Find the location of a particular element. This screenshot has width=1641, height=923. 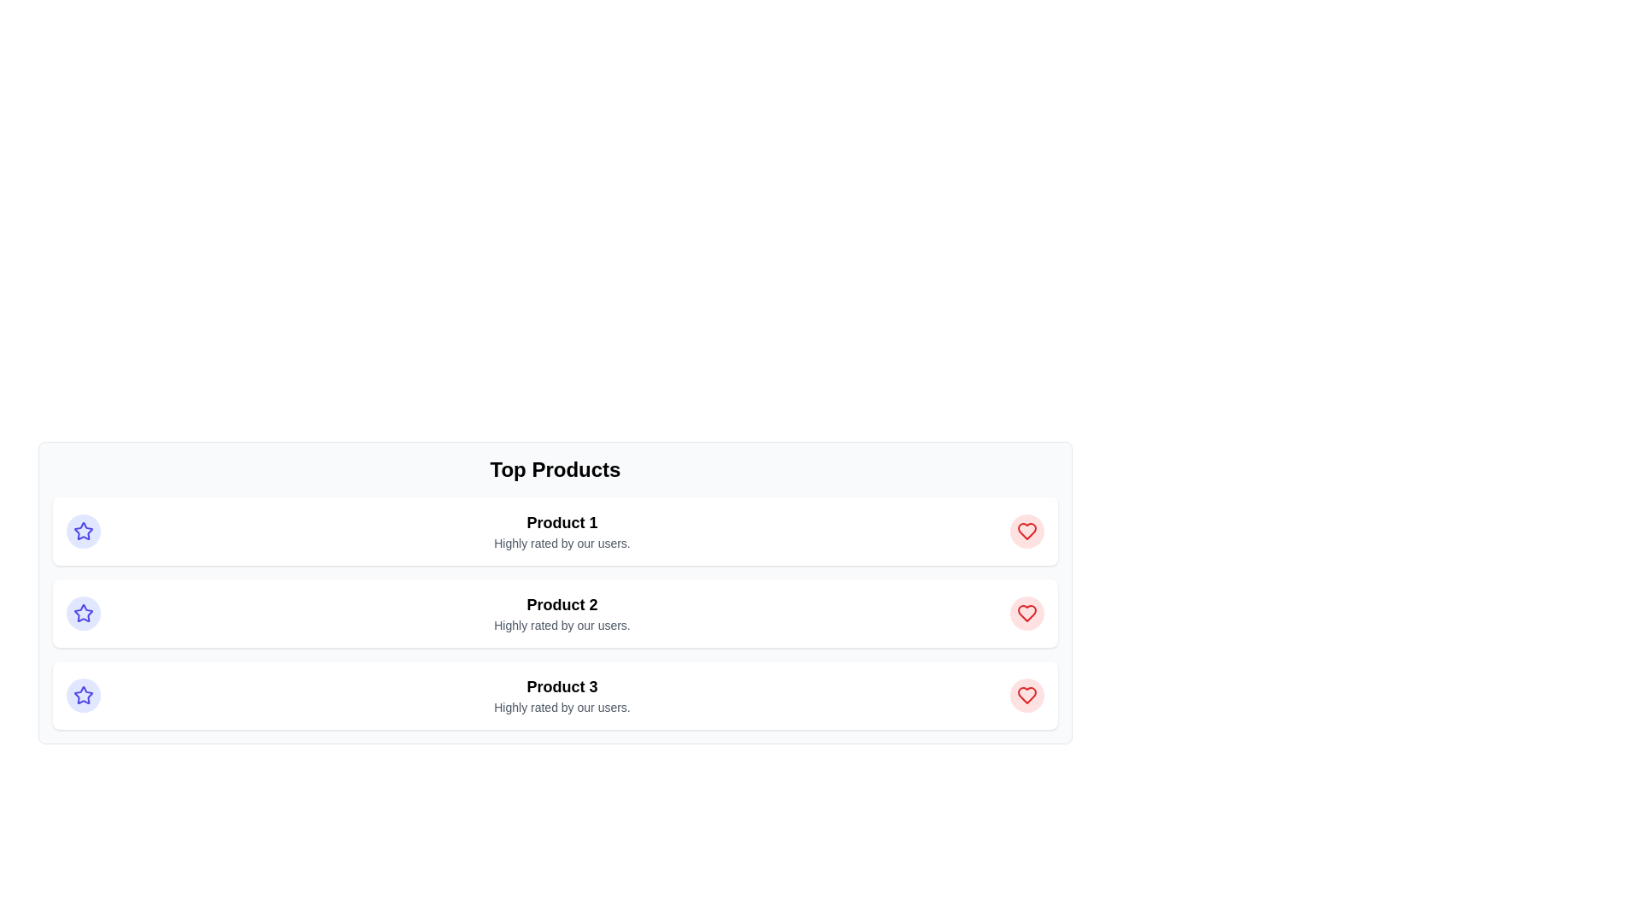

the indigo star-shaped icon located on the left side of the second product entry in the product listing interface is located at coordinates (82, 530).